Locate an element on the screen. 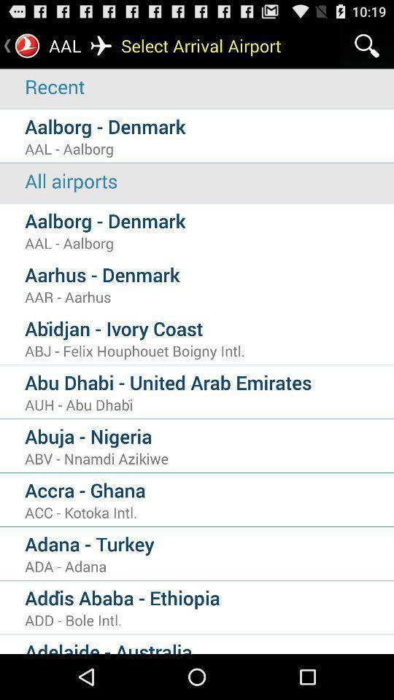 The height and width of the screenshot is (700, 394). the icon below ada - adana is located at coordinates (209, 597).